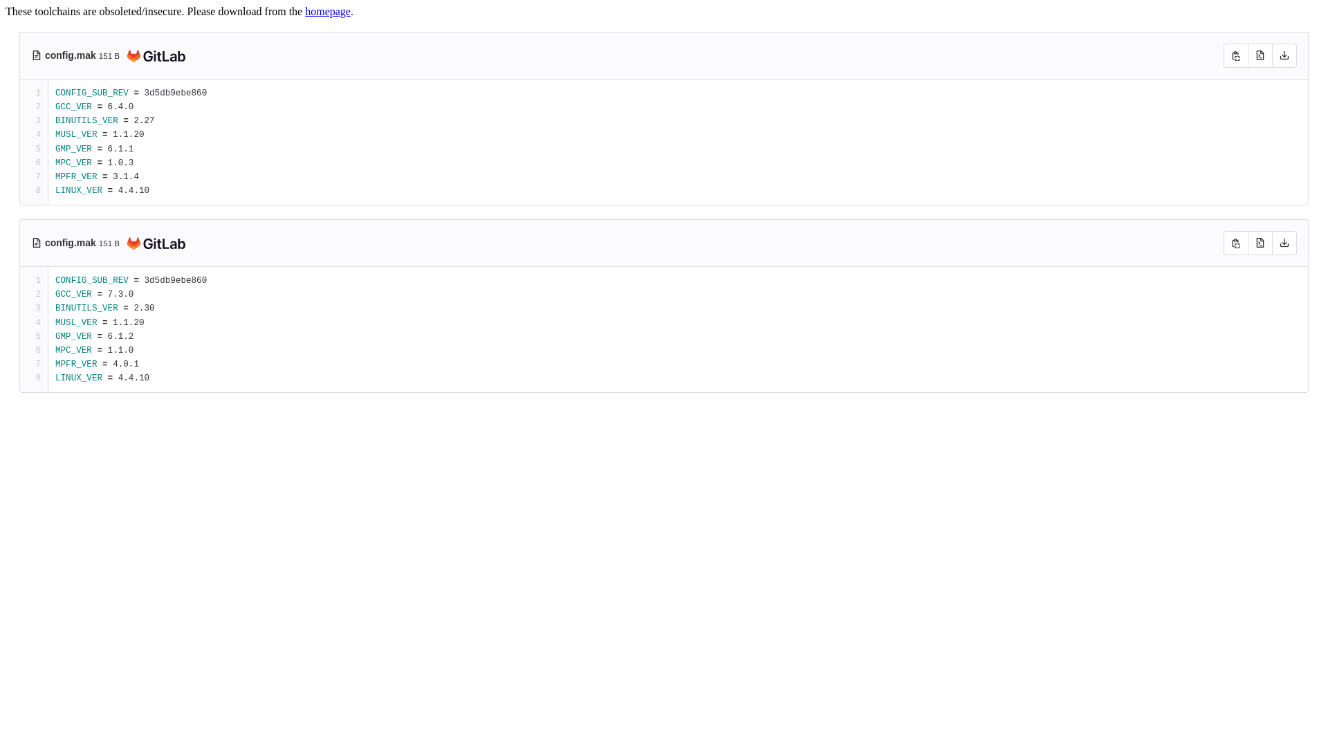 Image resolution: width=1328 pixels, height=747 pixels. What do you see at coordinates (153, 243) in the screenshot?
I see `'View on GitLab'` at bounding box center [153, 243].